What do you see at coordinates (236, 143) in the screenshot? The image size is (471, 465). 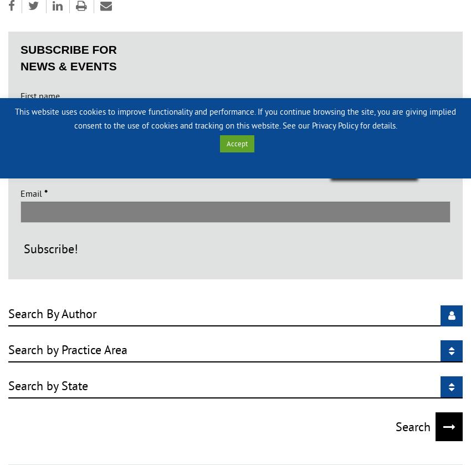 I see `'Accept'` at bounding box center [236, 143].